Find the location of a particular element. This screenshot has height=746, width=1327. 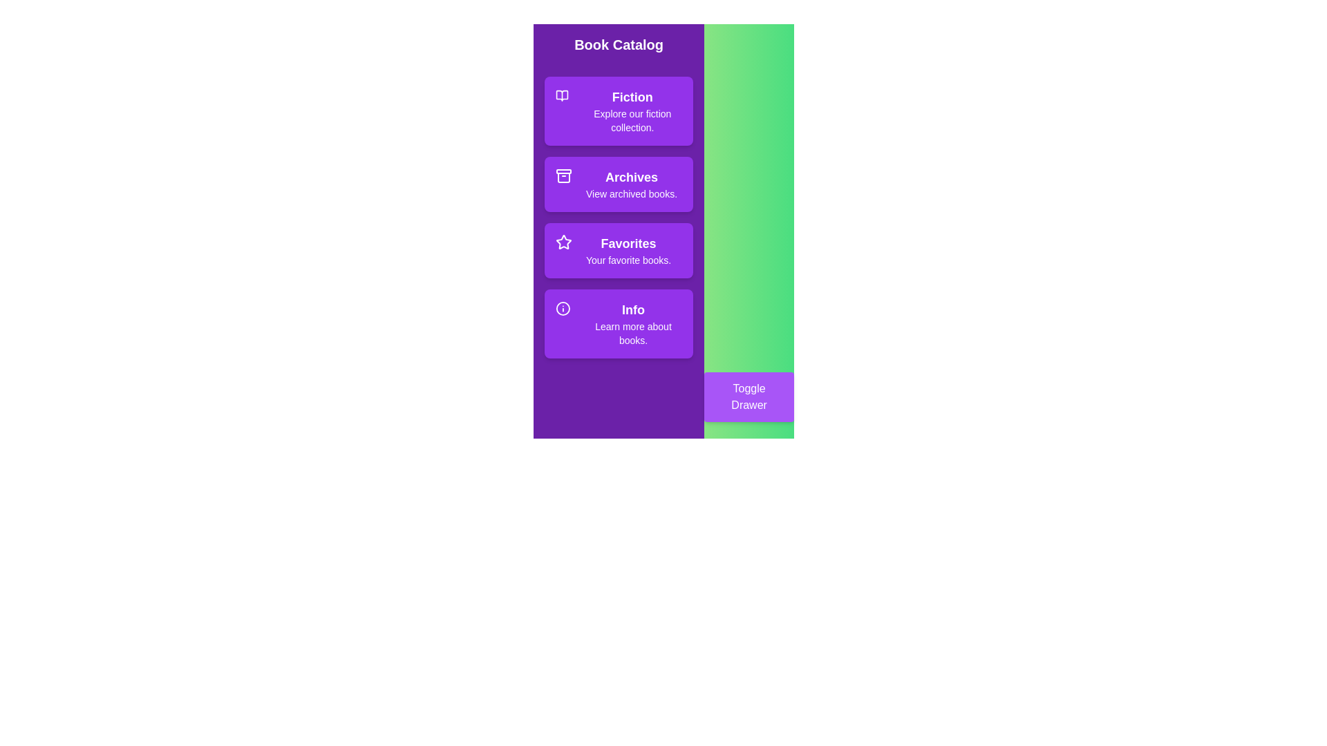

the category Favorites from the Book Catalog Drawer is located at coordinates (618, 250).